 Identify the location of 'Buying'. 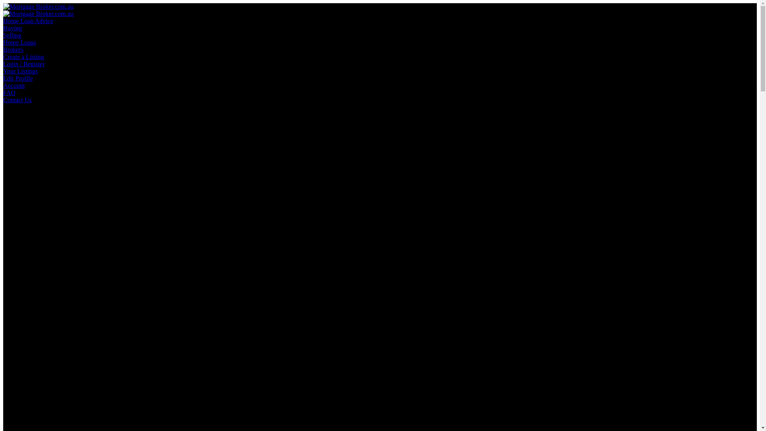
(12, 28).